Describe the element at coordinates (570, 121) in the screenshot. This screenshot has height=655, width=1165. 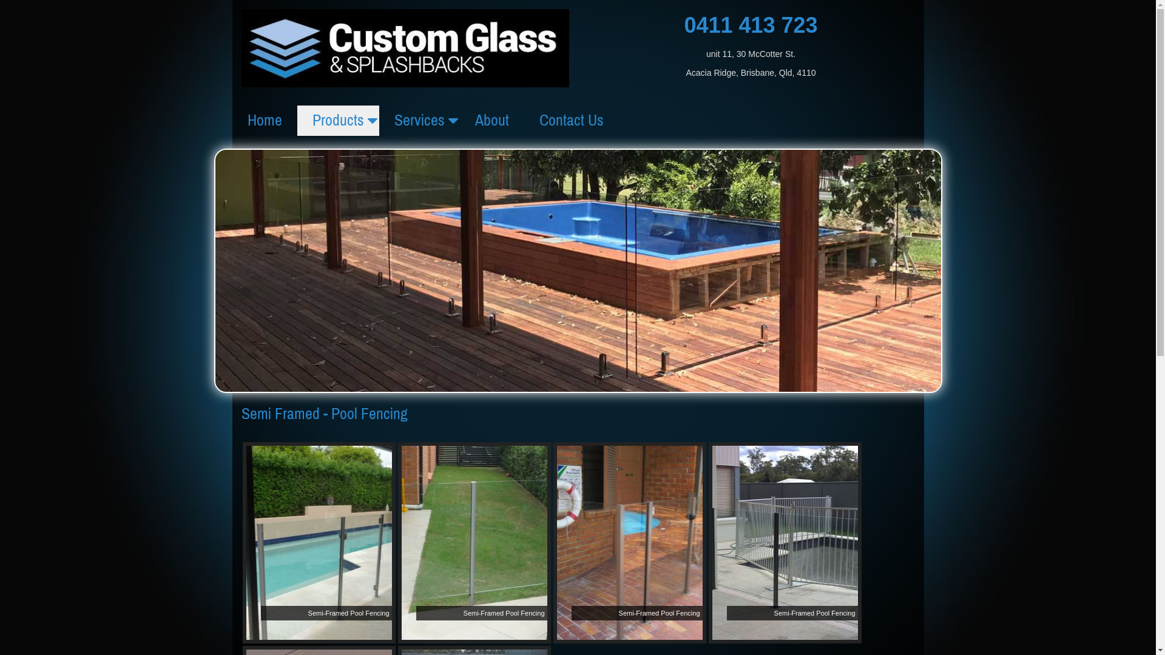
I see `'Contact Us'` at that location.